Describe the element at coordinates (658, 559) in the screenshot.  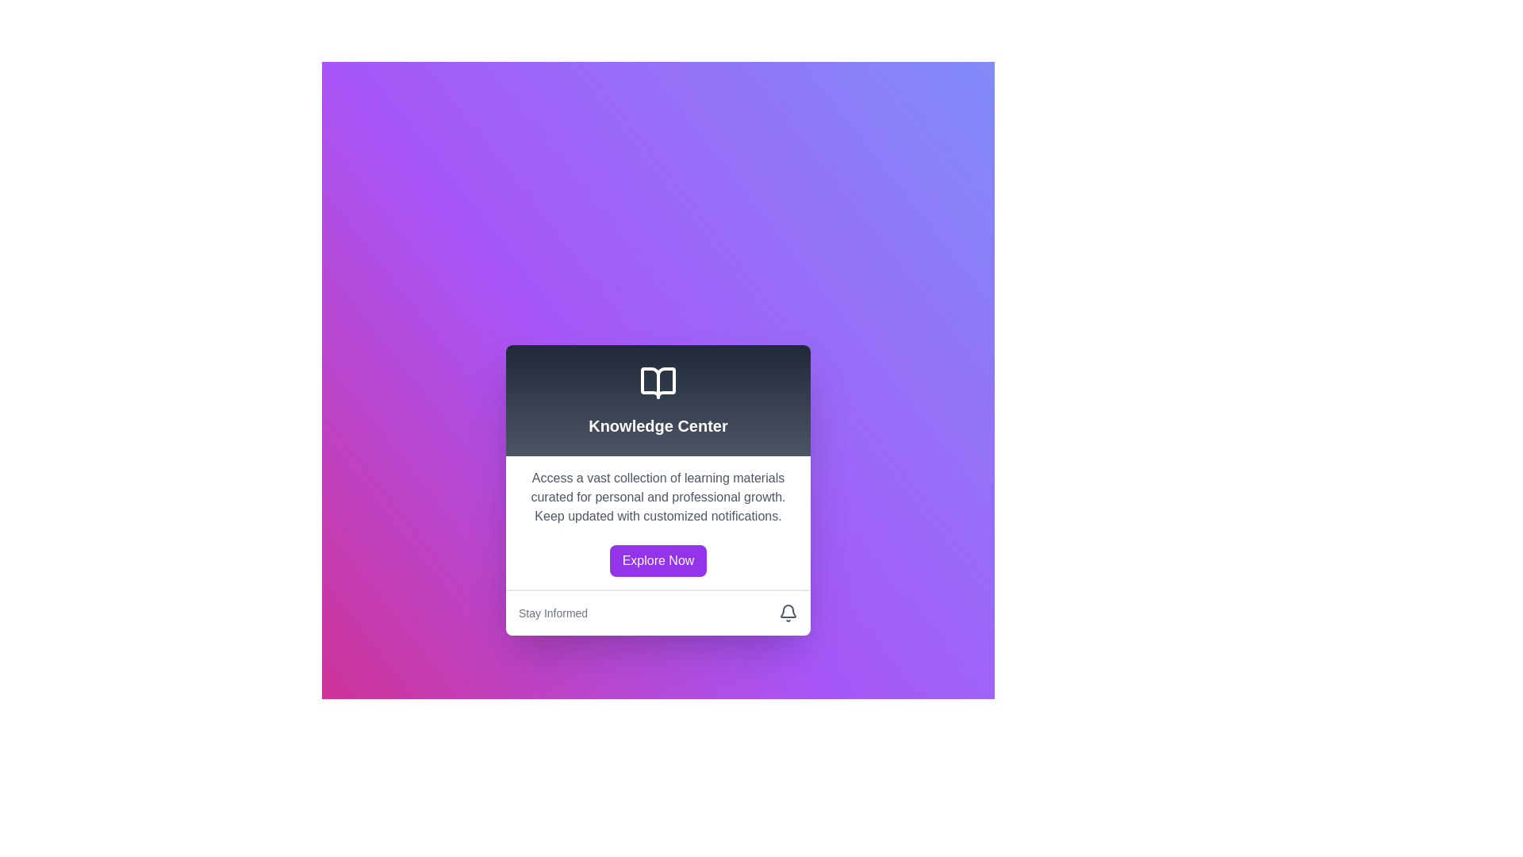
I see `the 'Explore Now' button, which is a rectangular button with rounded corners, styled with a purple background and white text, located centrally beneath the text description about learning materials` at that location.